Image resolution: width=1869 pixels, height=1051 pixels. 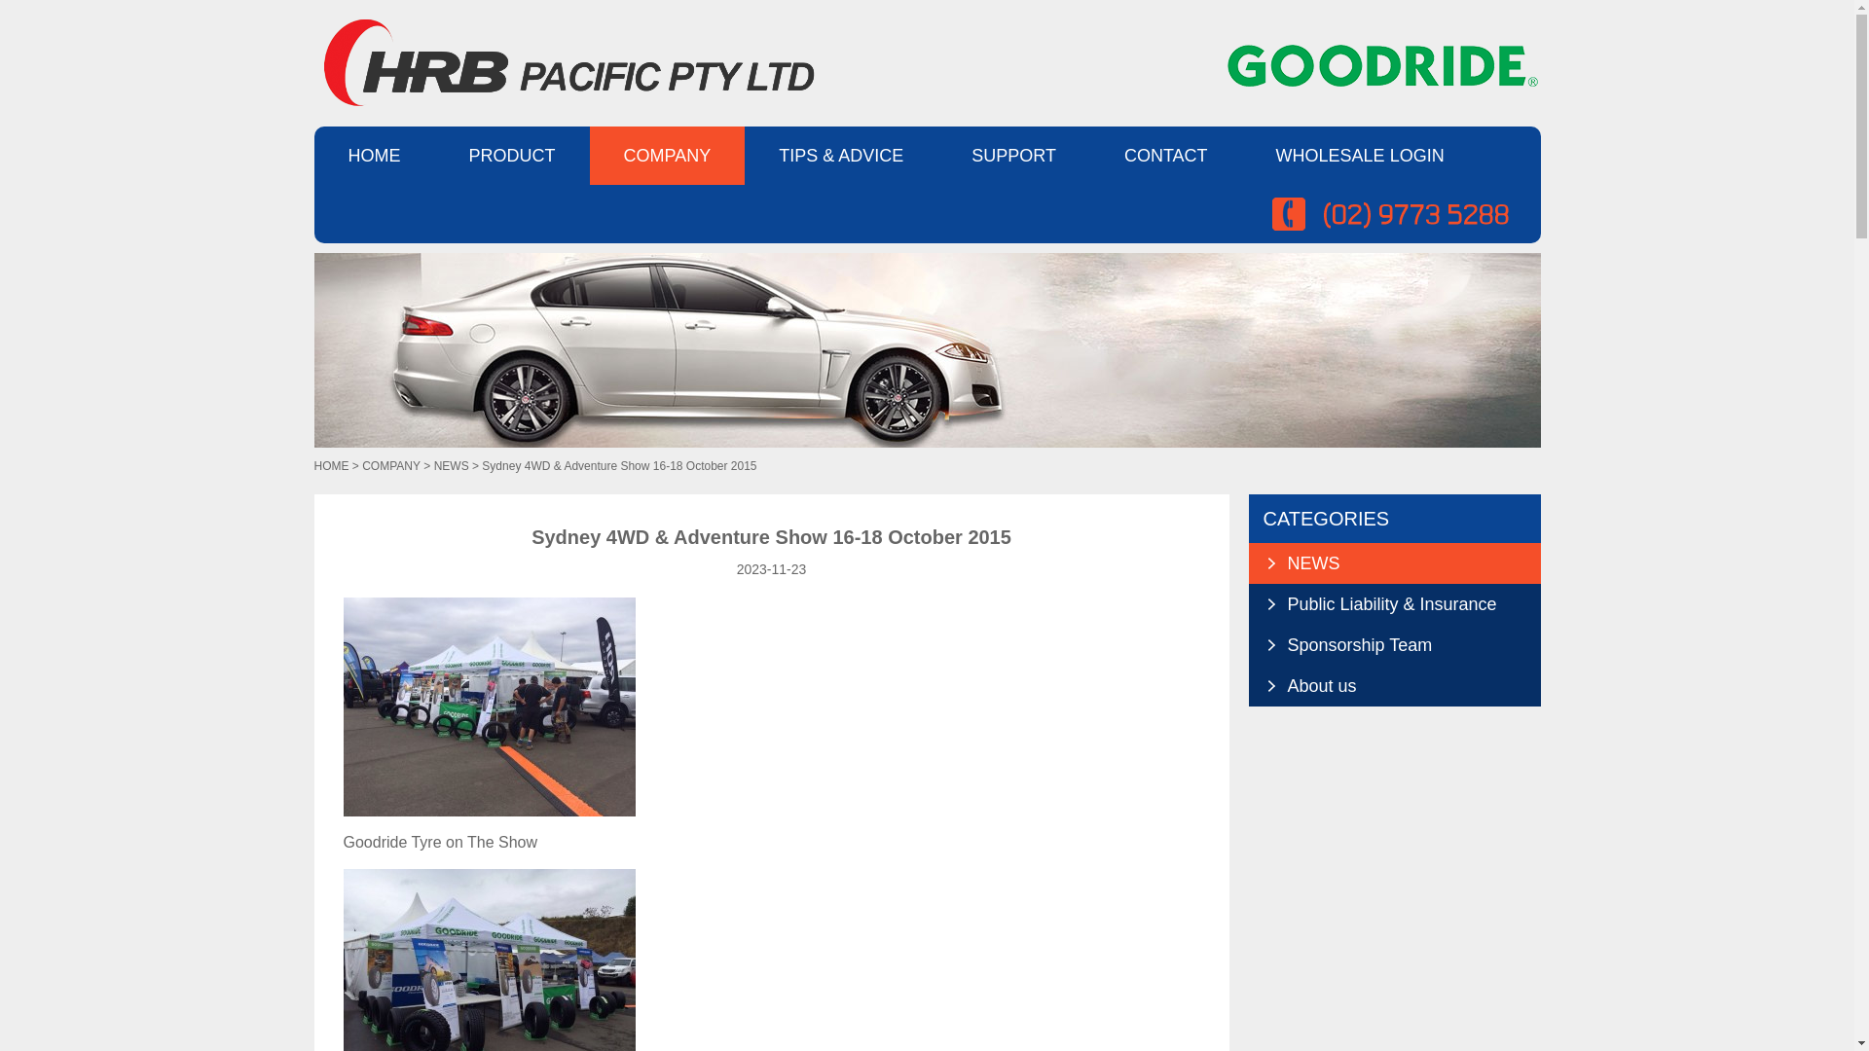 I want to click on 'NEWS', so click(x=451, y=465).